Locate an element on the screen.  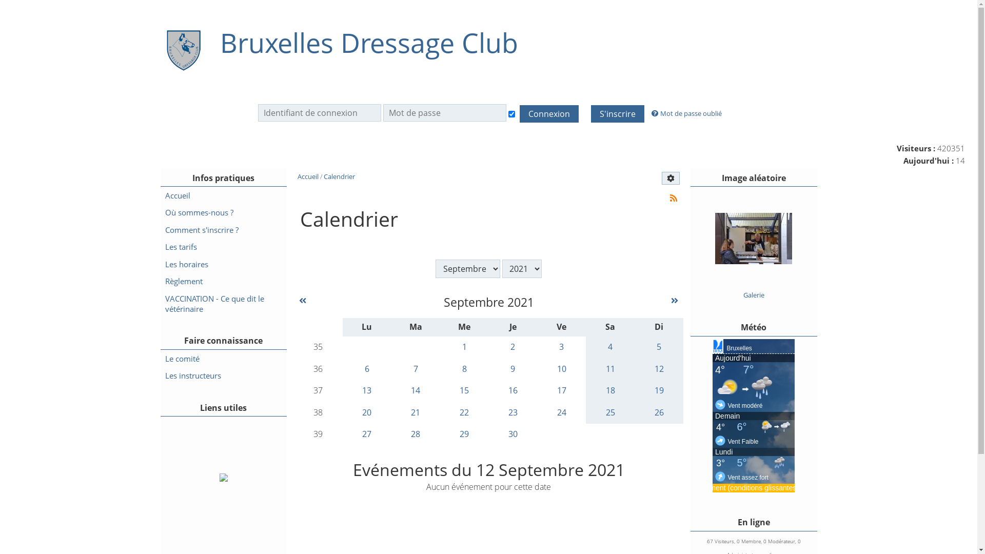
'28' is located at coordinates (416, 434).